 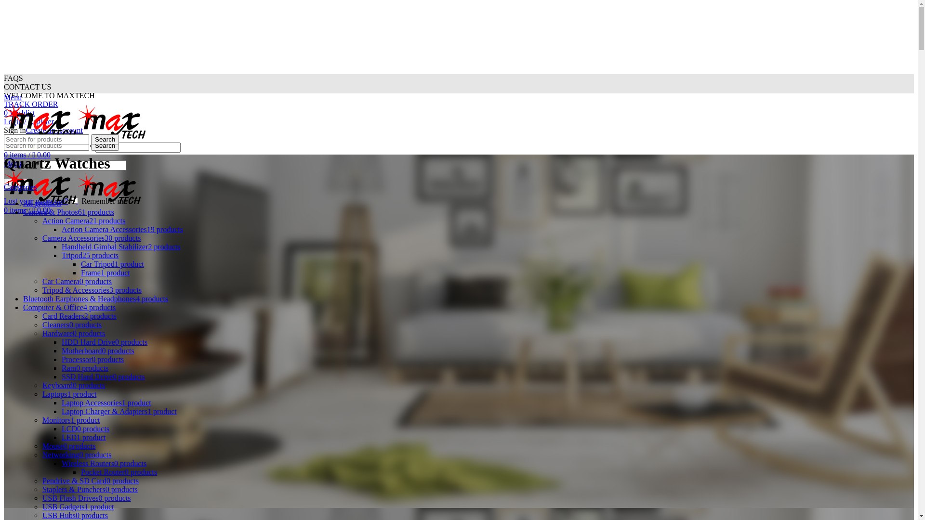 I want to click on 'Motherboard0 products', so click(x=98, y=351).